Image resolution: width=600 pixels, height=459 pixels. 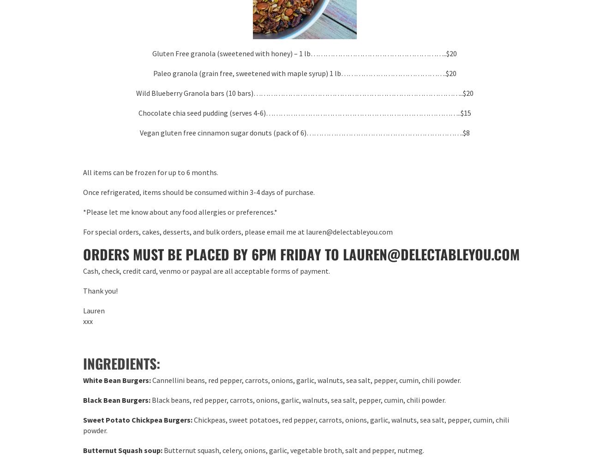 What do you see at coordinates (150, 172) in the screenshot?
I see `'All items can be frozen for up to 6 months.'` at bounding box center [150, 172].